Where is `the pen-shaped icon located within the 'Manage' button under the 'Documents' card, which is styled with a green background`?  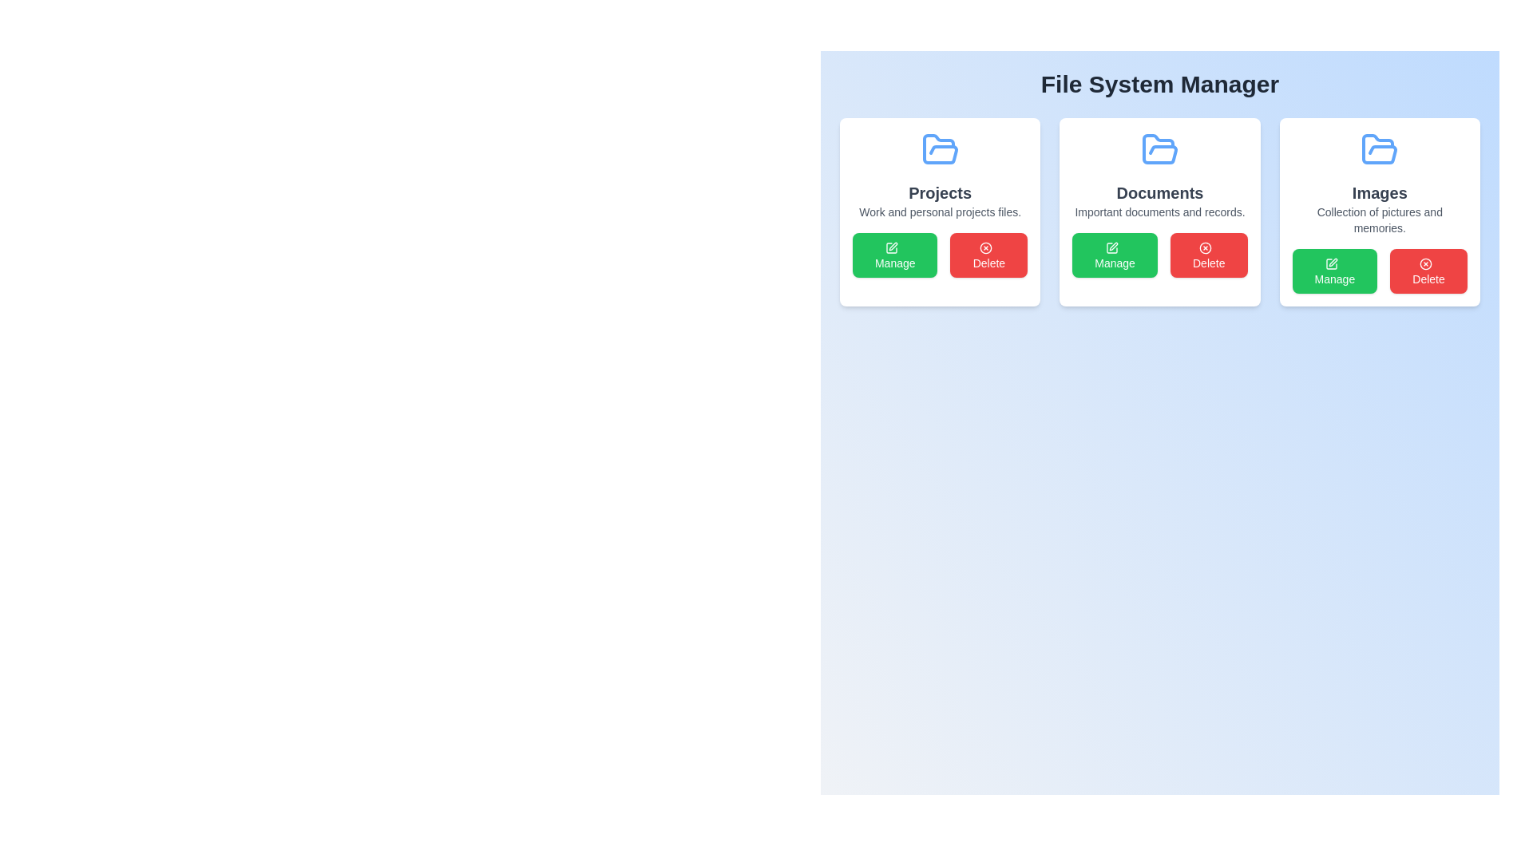
the pen-shaped icon located within the 'Manage' button under the 'Documents' card, which is styled with a green background is located at coordinates (1111, 246).